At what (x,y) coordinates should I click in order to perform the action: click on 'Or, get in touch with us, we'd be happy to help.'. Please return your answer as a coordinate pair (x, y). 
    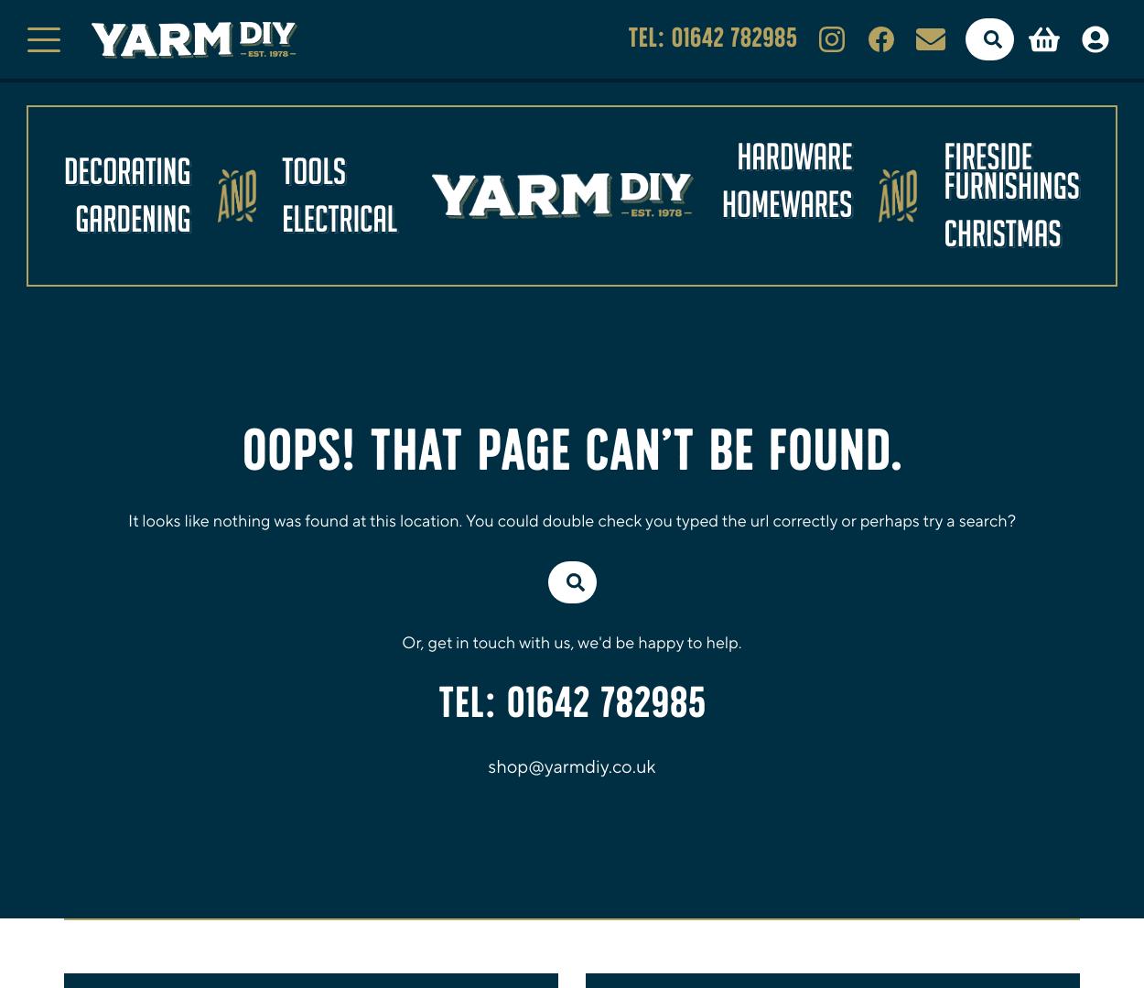
    Looking at the image, I should click on (401, 642).